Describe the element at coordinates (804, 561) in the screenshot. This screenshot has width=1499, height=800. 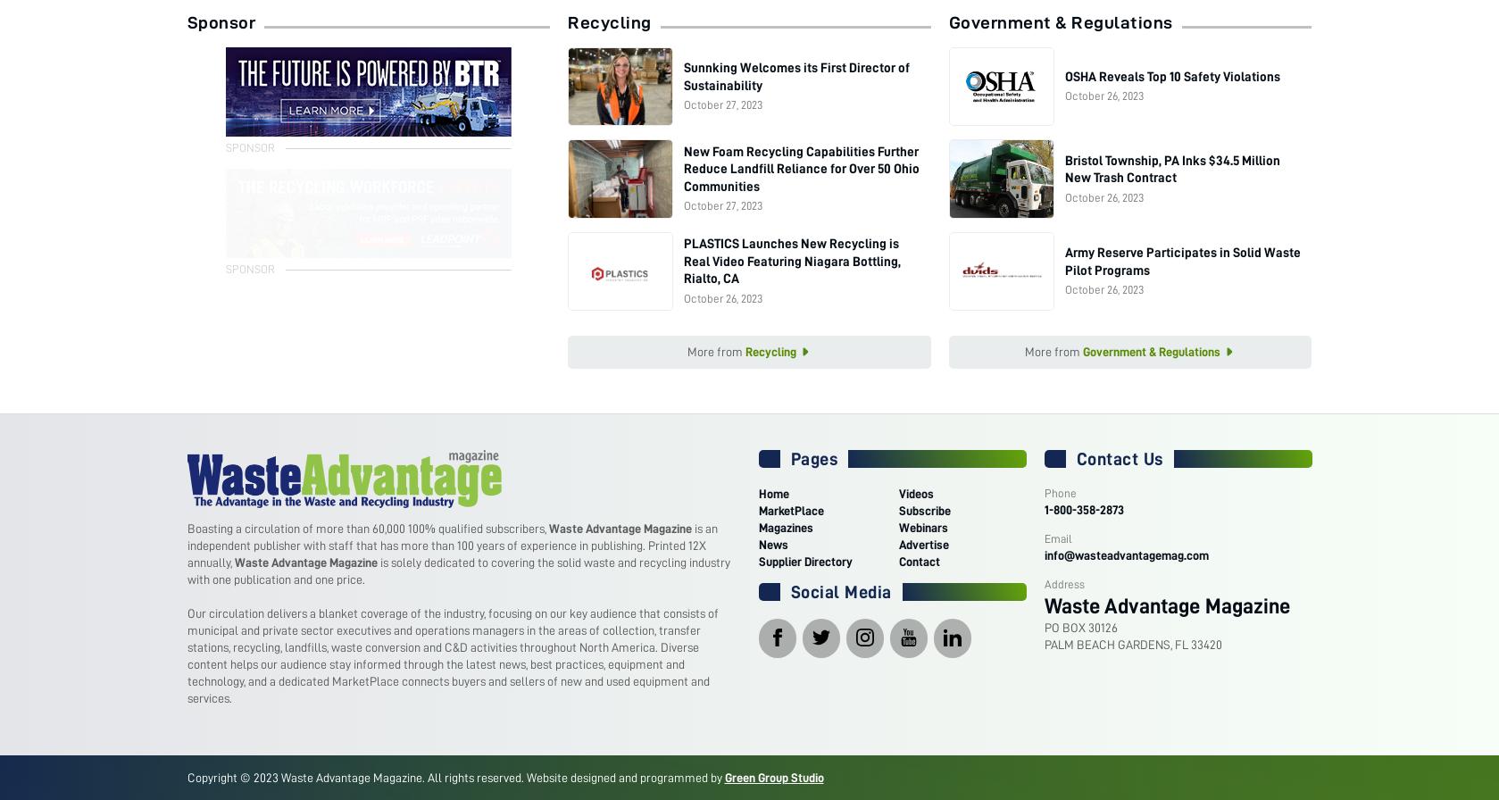
I see `'Supplier Directory'` at that location.